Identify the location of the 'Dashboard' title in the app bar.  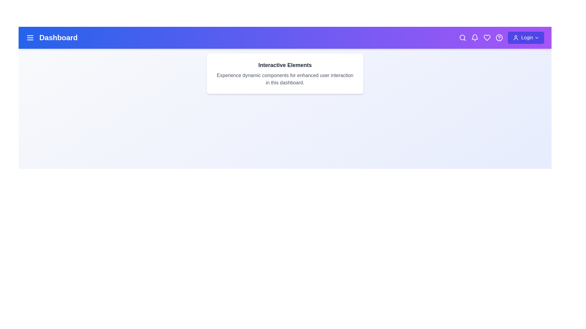
(58, 37).